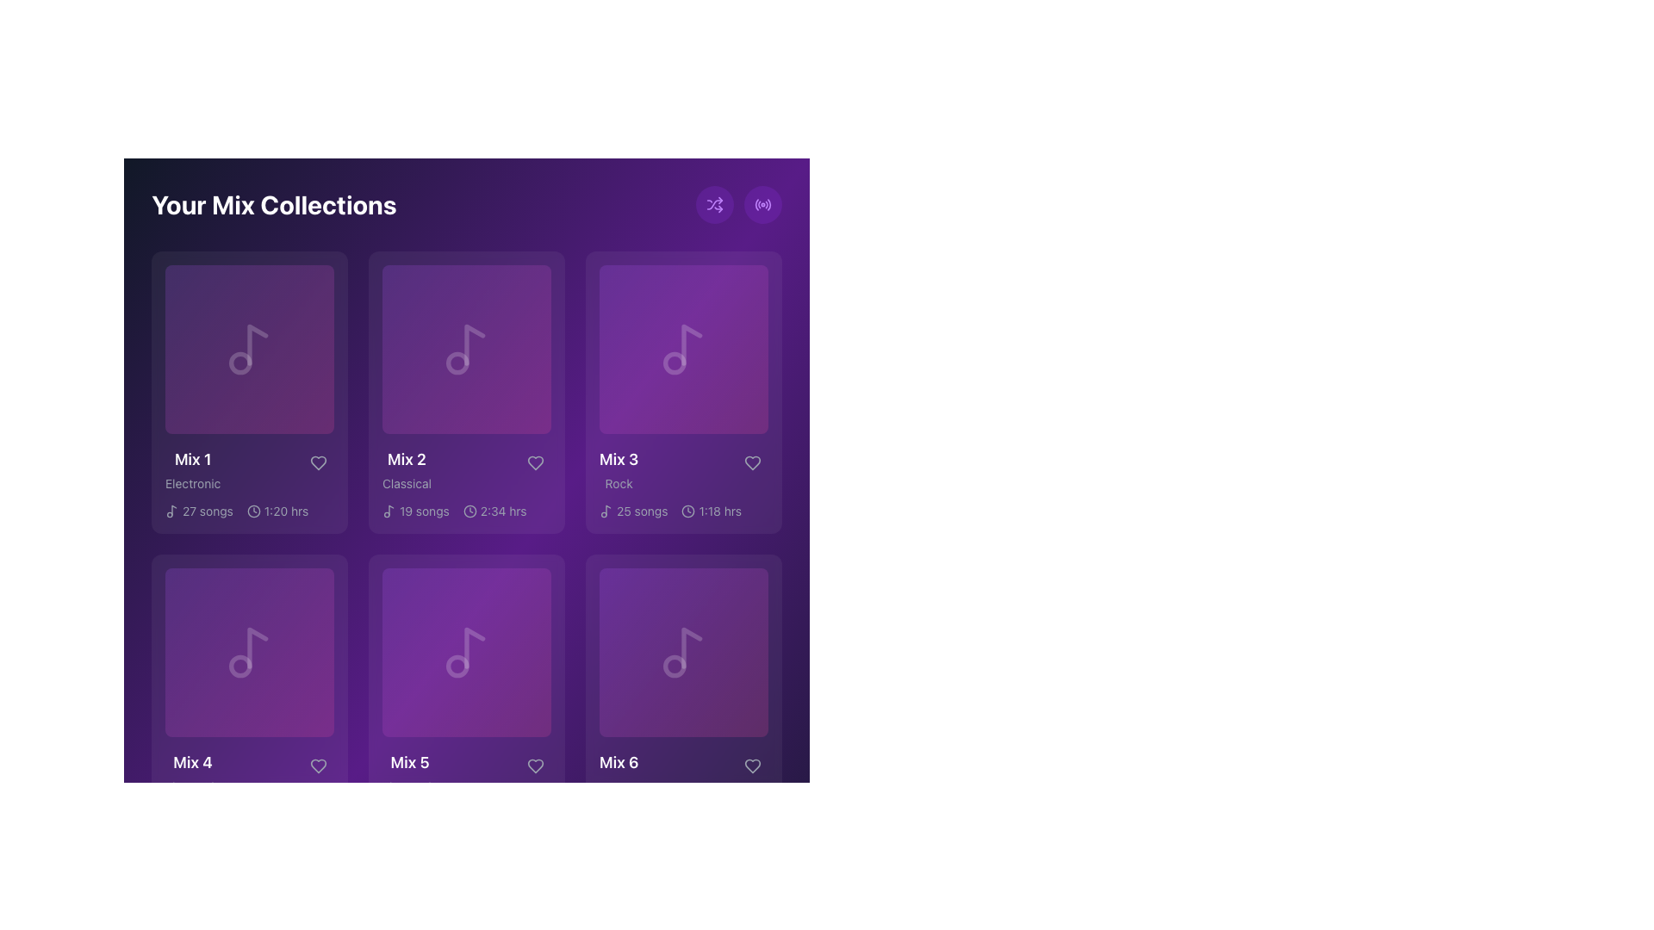 The width and height of the screenshot is (1654, 930). I want to click on the shuffle mode icon located in the top-right corner of the layout, so click(715, 204).